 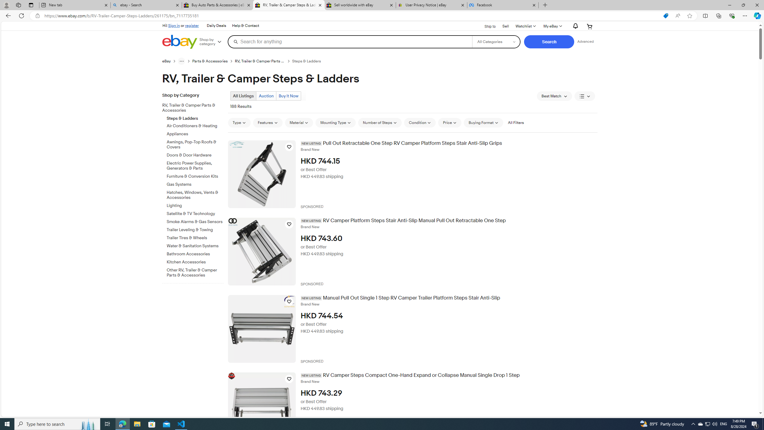 I want to click on 'Hatches, Windows, Vents & Accessories', so click(x=195, y=195).